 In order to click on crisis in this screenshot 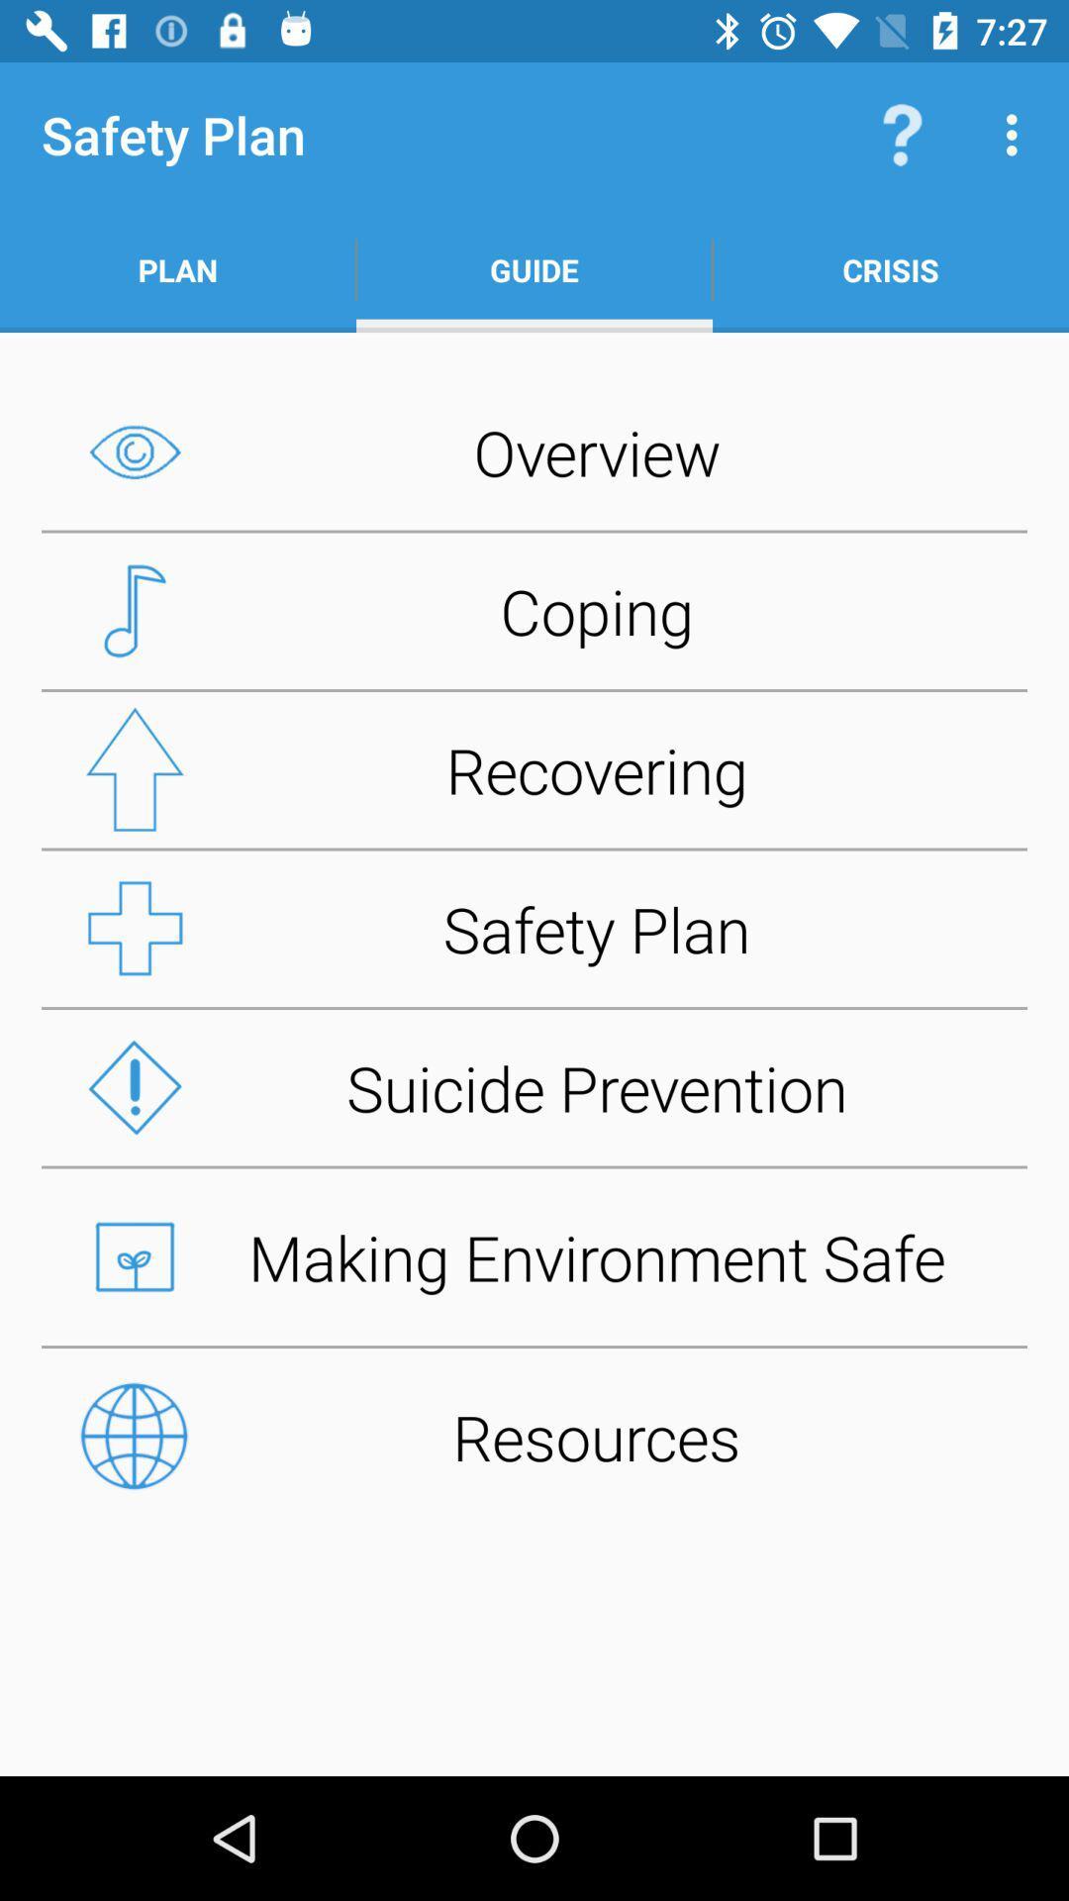, I will do `click(889, 269)`.